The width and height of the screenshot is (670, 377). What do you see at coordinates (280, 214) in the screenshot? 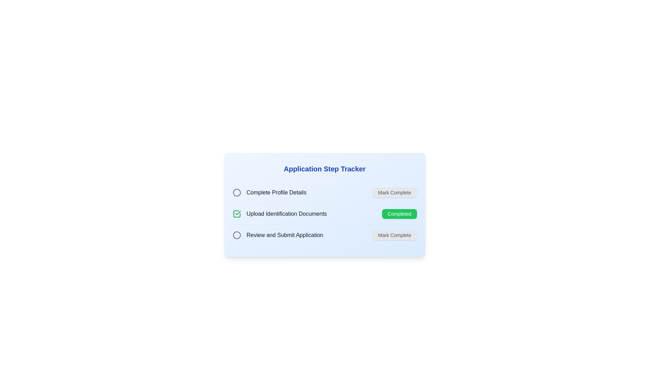
I see `the label indicating the status of the 'Upload Identification Documents' task in the process tracker, located below 'Complete Profile Details' and above 'Review and Submit Application'` at bounding box center [280, 214].